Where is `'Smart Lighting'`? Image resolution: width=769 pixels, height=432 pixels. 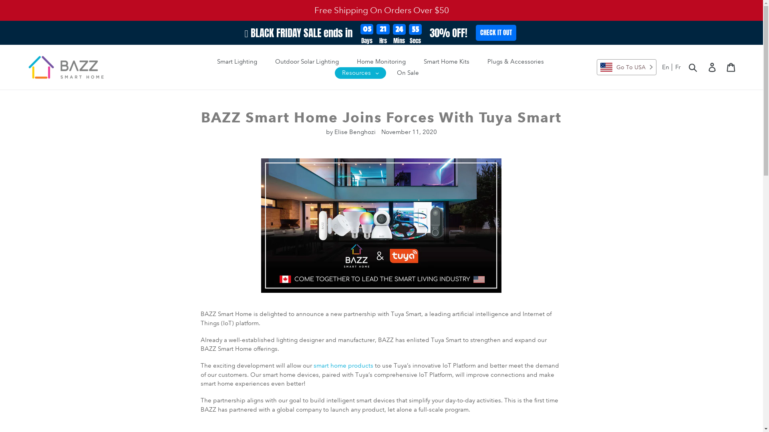 'Smart Lighting' is located at coordinates (209, 61).